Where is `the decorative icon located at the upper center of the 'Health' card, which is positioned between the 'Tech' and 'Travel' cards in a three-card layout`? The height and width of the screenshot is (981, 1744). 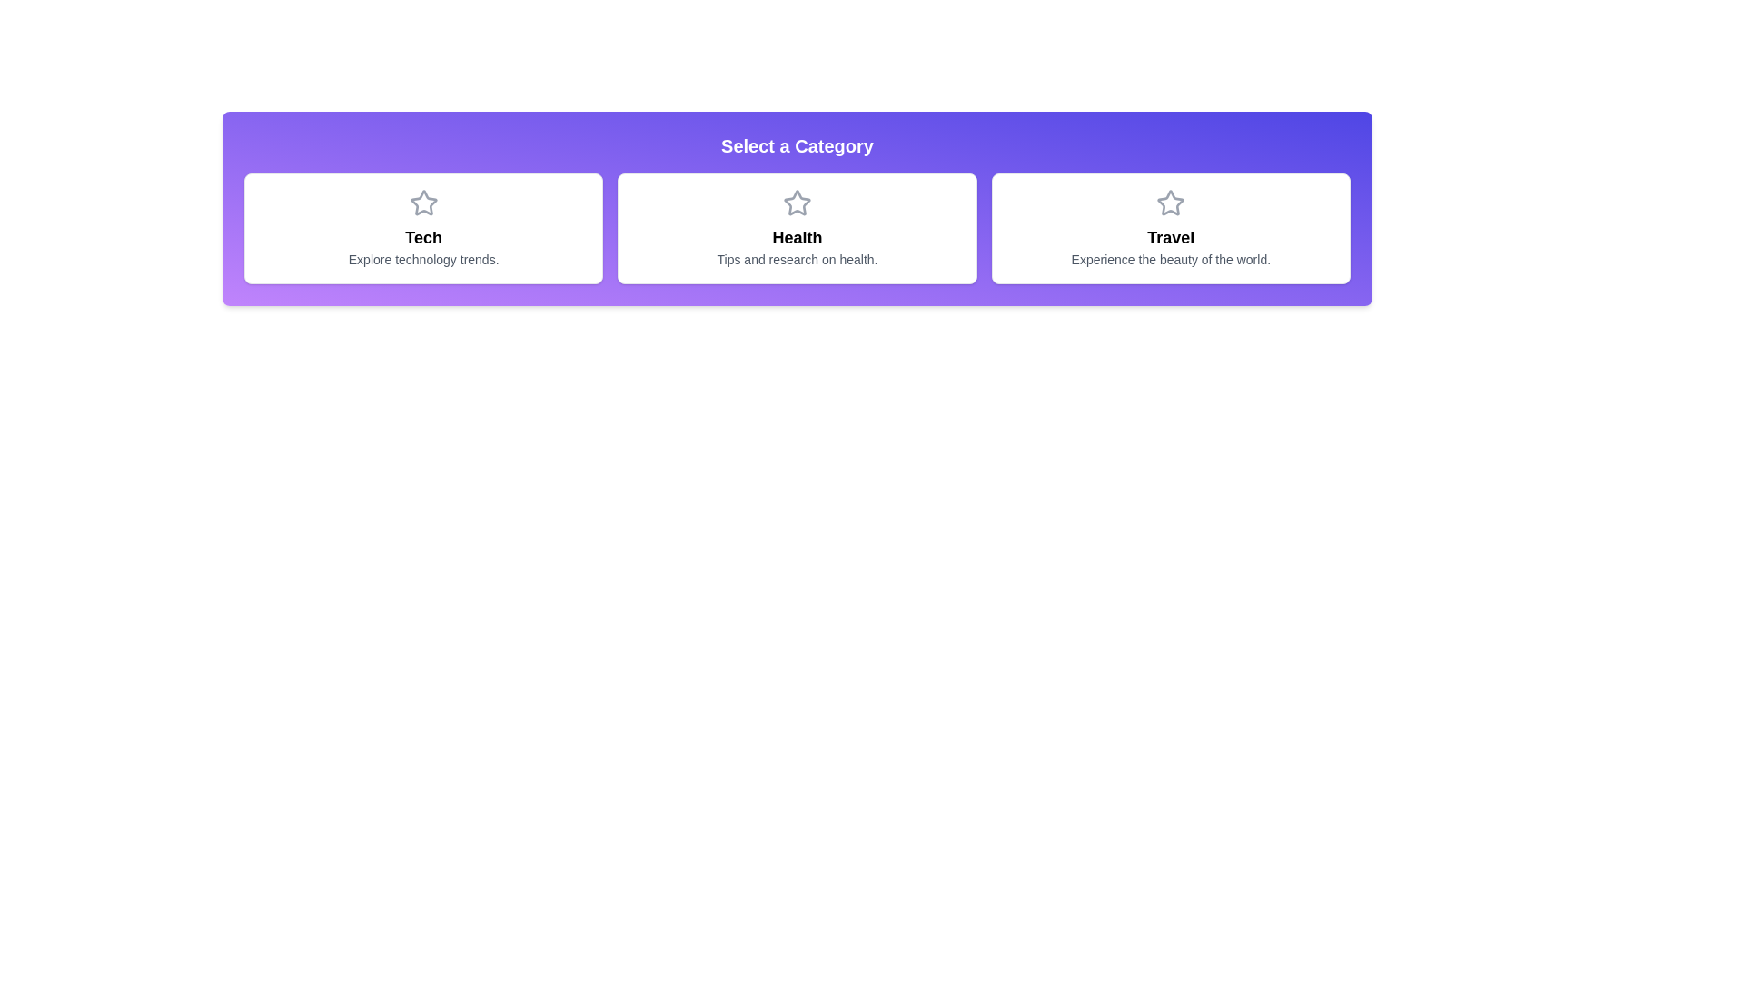 the decorative icon located at the upper center of the 'Health' card, which is positioned between the 'Tech' and 'Travel' cards in a three-card layout is located at coordinates (798, 203).